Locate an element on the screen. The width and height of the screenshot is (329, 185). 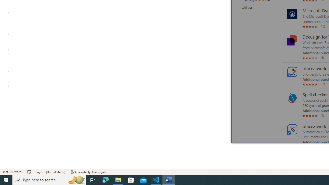
'Word - 1 running window' is located at coordinates (169, 179).